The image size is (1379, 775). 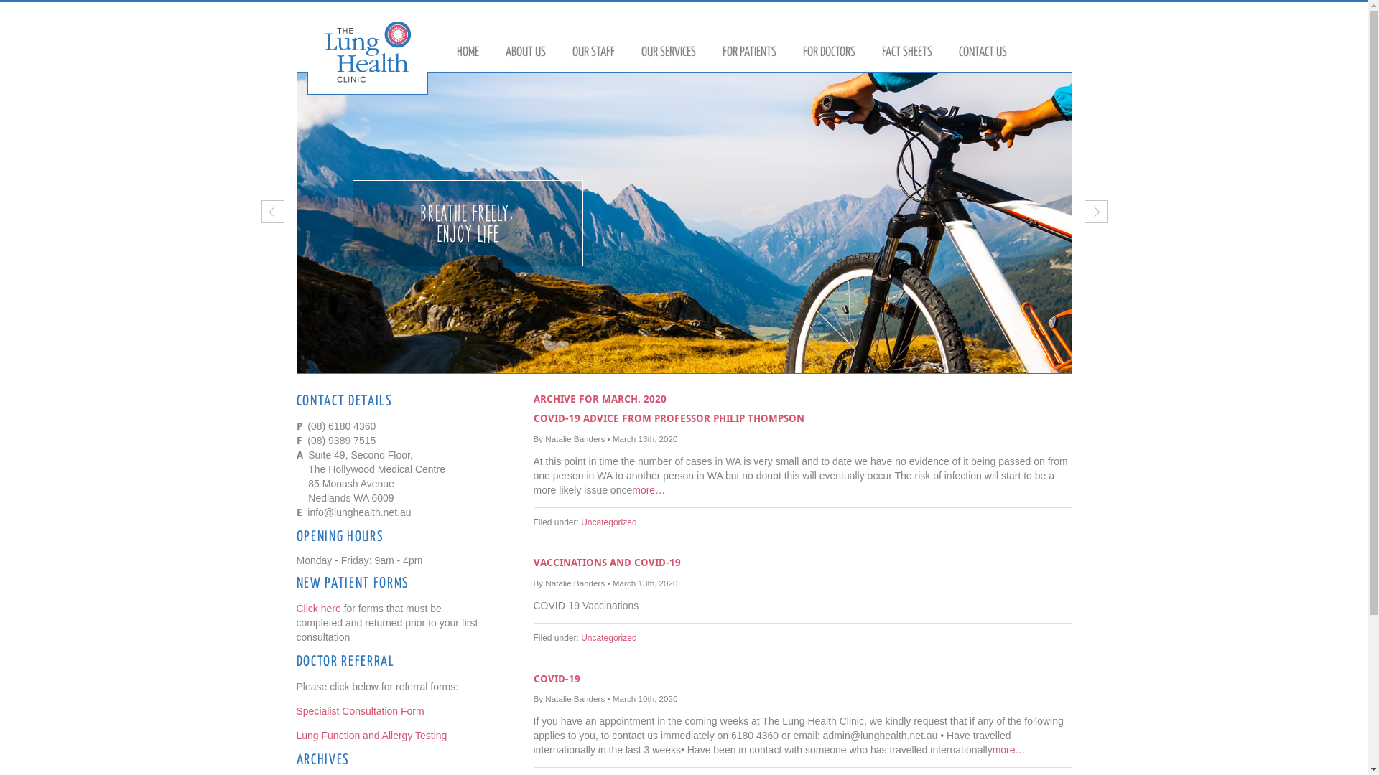 I want to click on 'OUR STAFF', so click(x=593, y=52).